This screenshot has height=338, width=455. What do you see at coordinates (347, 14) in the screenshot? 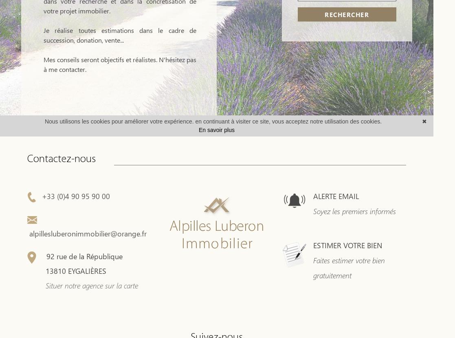
I see `'rechercher'` at bounding box center [347, 14].